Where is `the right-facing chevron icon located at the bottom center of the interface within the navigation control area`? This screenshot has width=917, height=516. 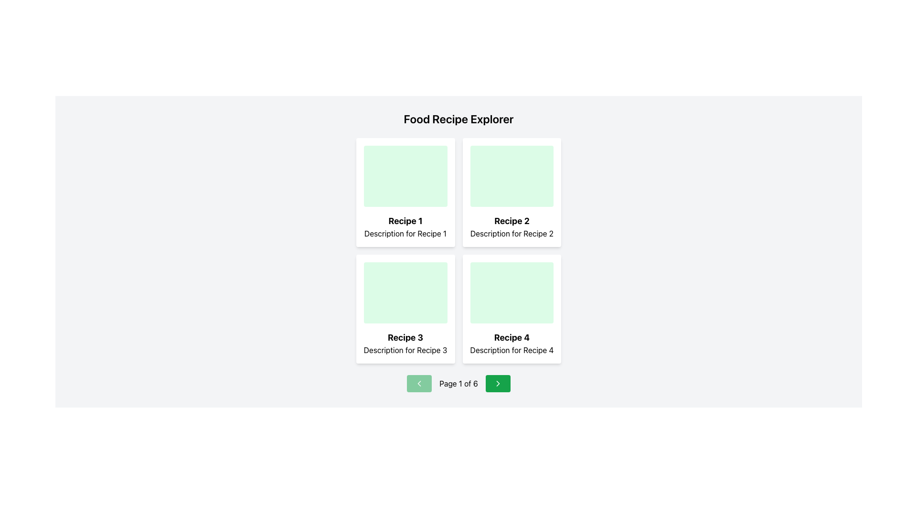
the right-facing chevron icon located at the bottom center of the interface within the navigation control area is located at coordinates (497, 383).